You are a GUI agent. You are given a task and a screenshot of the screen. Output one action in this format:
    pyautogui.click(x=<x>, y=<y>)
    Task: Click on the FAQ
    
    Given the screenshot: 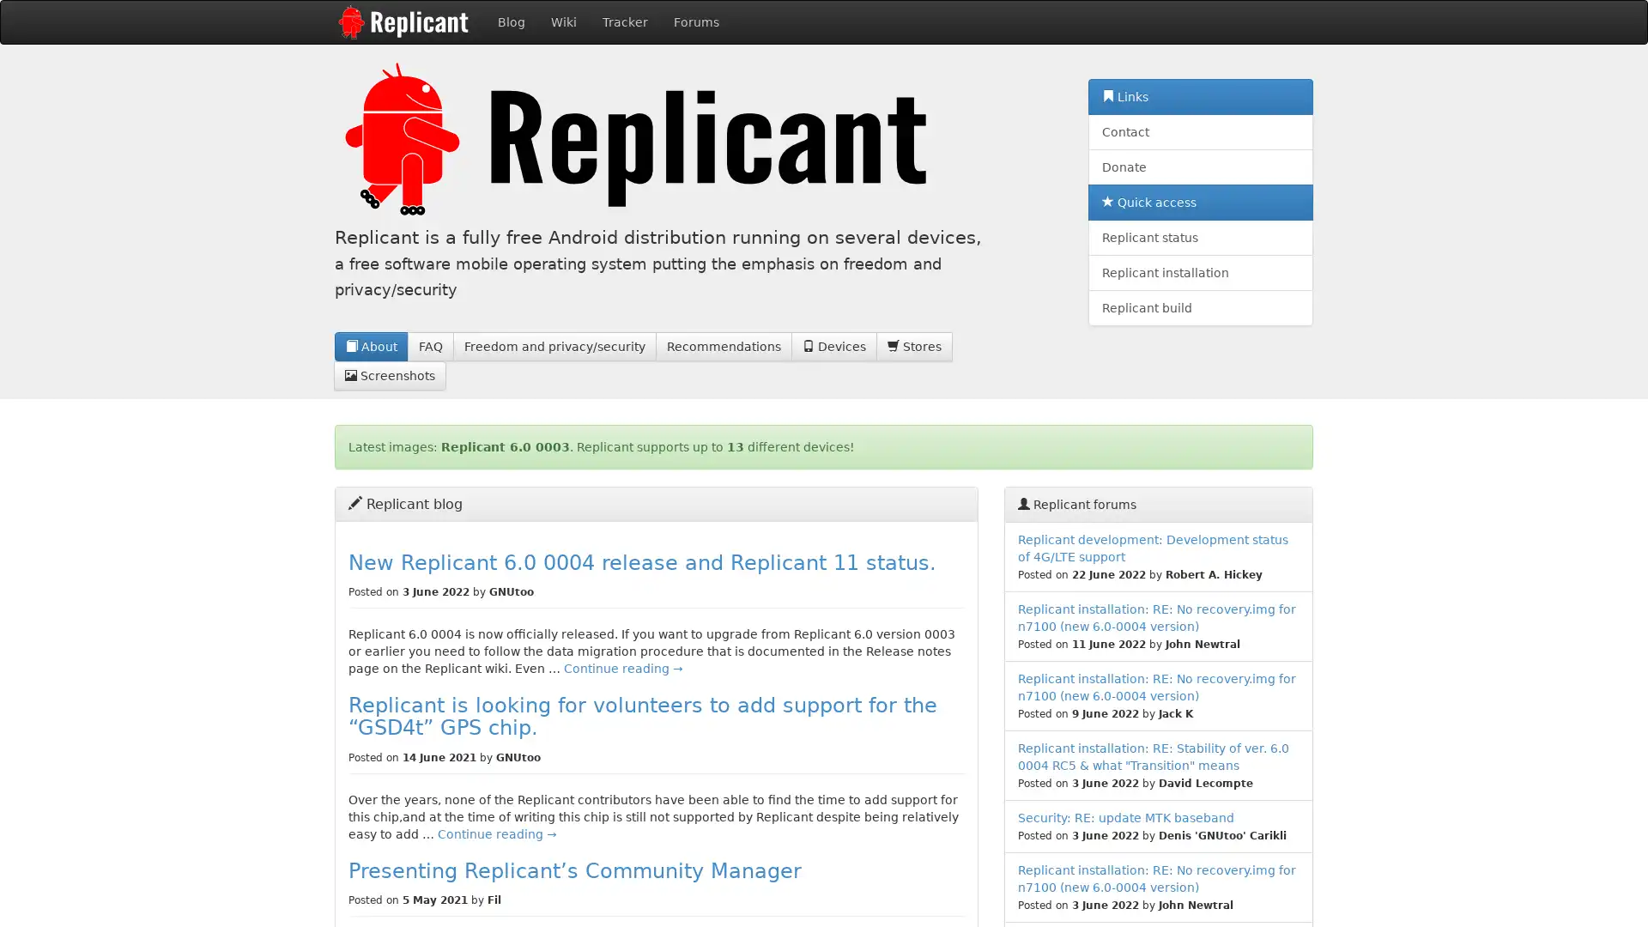 What is the action you would take?
    pyautogui.click(x=431, y=347)
    